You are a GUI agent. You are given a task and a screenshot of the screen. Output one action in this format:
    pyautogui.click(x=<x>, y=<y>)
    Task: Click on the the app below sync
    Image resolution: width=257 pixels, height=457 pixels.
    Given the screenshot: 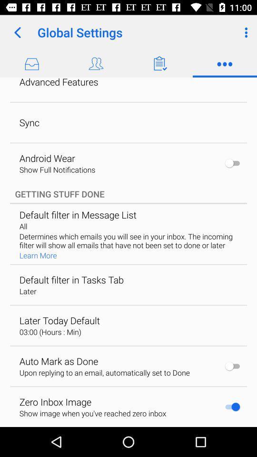 What is the action you would take?
    pyautogui.click(x=47, y=158)
    